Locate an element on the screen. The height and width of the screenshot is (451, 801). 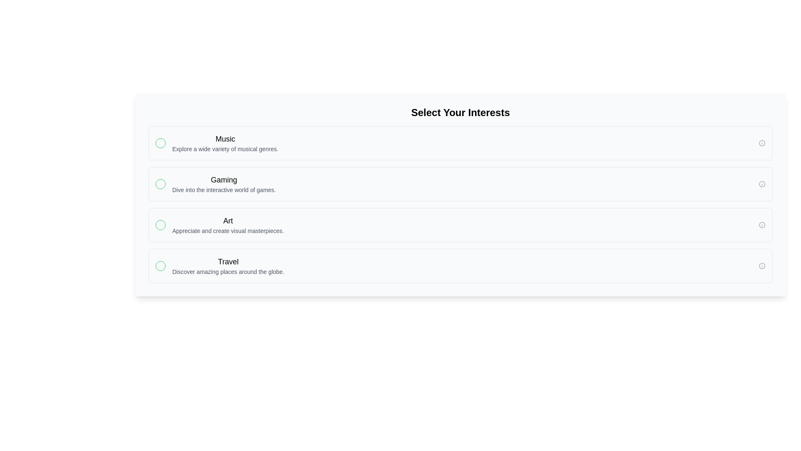
the interest option Gaming to highlight it is located at coordinates (460, 183).